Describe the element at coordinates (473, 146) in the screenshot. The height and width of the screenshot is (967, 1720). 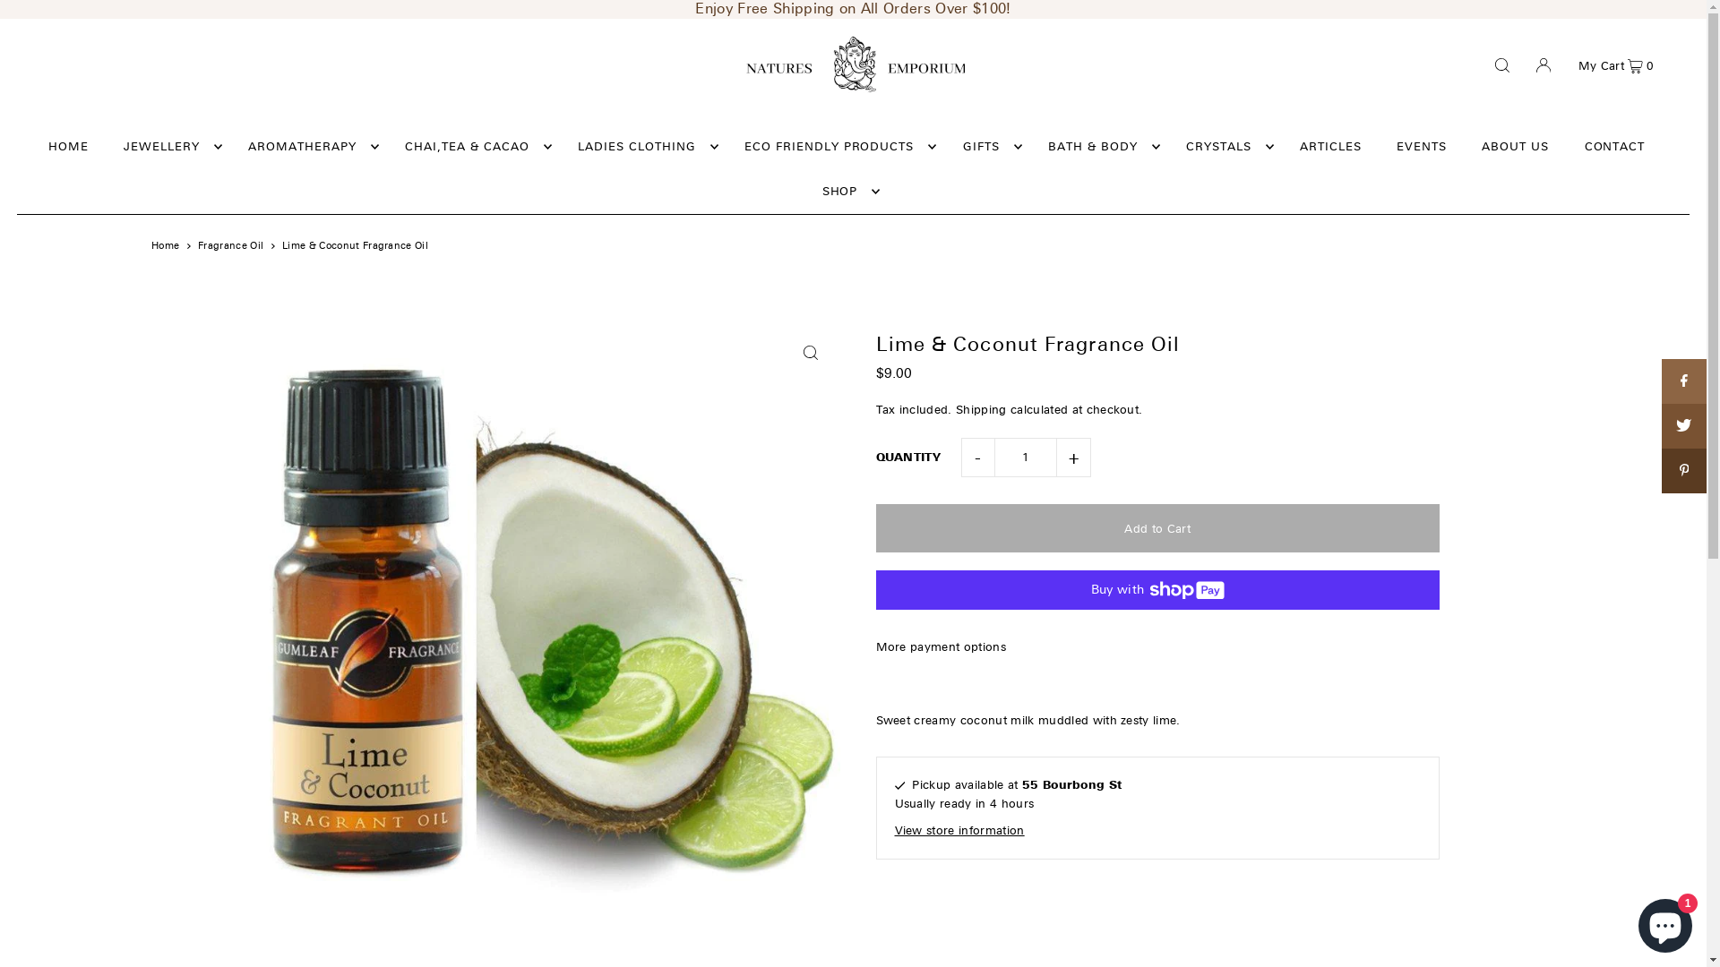
I see `'CHAI,TEA & CACAO'` at that location.